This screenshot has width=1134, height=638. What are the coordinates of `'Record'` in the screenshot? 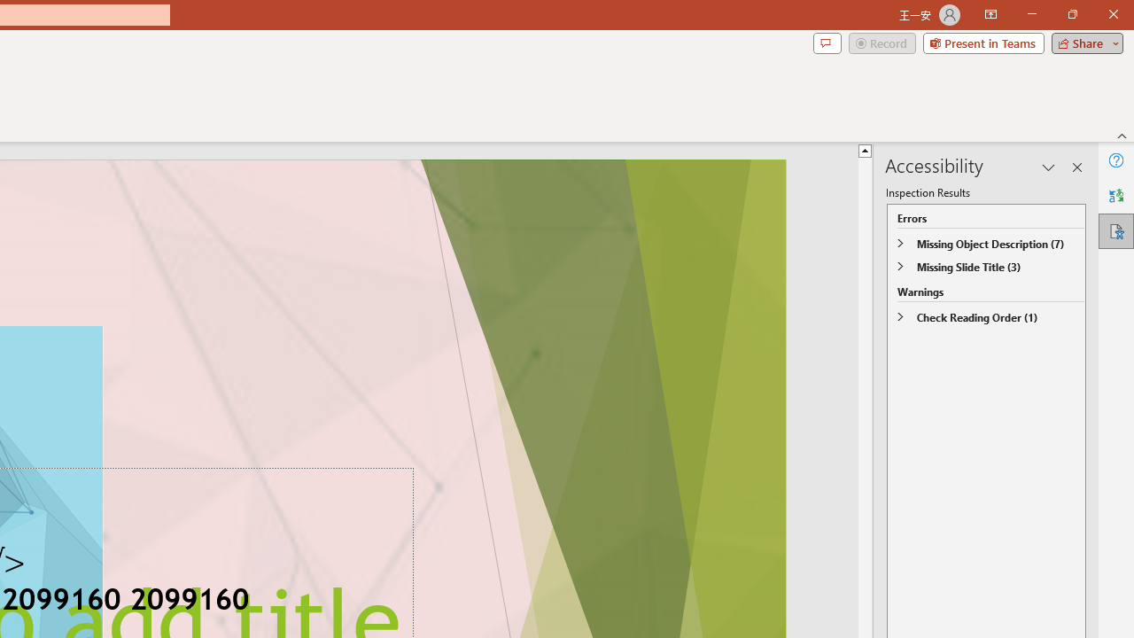 It's located at (882, 42).